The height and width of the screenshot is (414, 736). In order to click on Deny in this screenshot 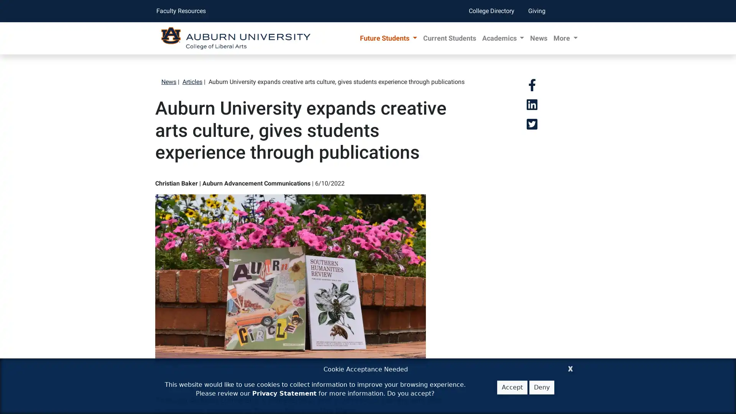, I will do `click(541, 387)`.